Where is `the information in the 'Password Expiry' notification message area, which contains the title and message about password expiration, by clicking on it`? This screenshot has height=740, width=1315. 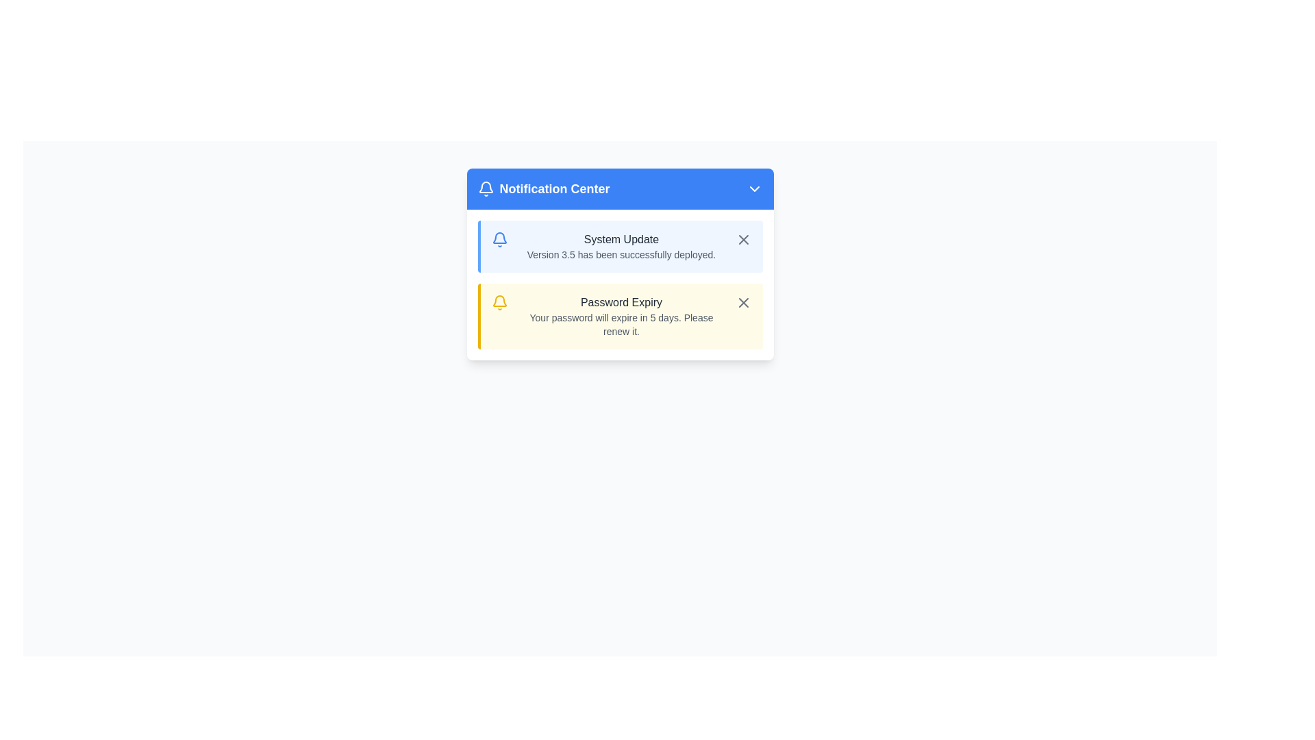 the information in the 'Password Expiry' notification message area, which contains the title and message about password expiration, by clicking on it is located at coordinates (621, 317).